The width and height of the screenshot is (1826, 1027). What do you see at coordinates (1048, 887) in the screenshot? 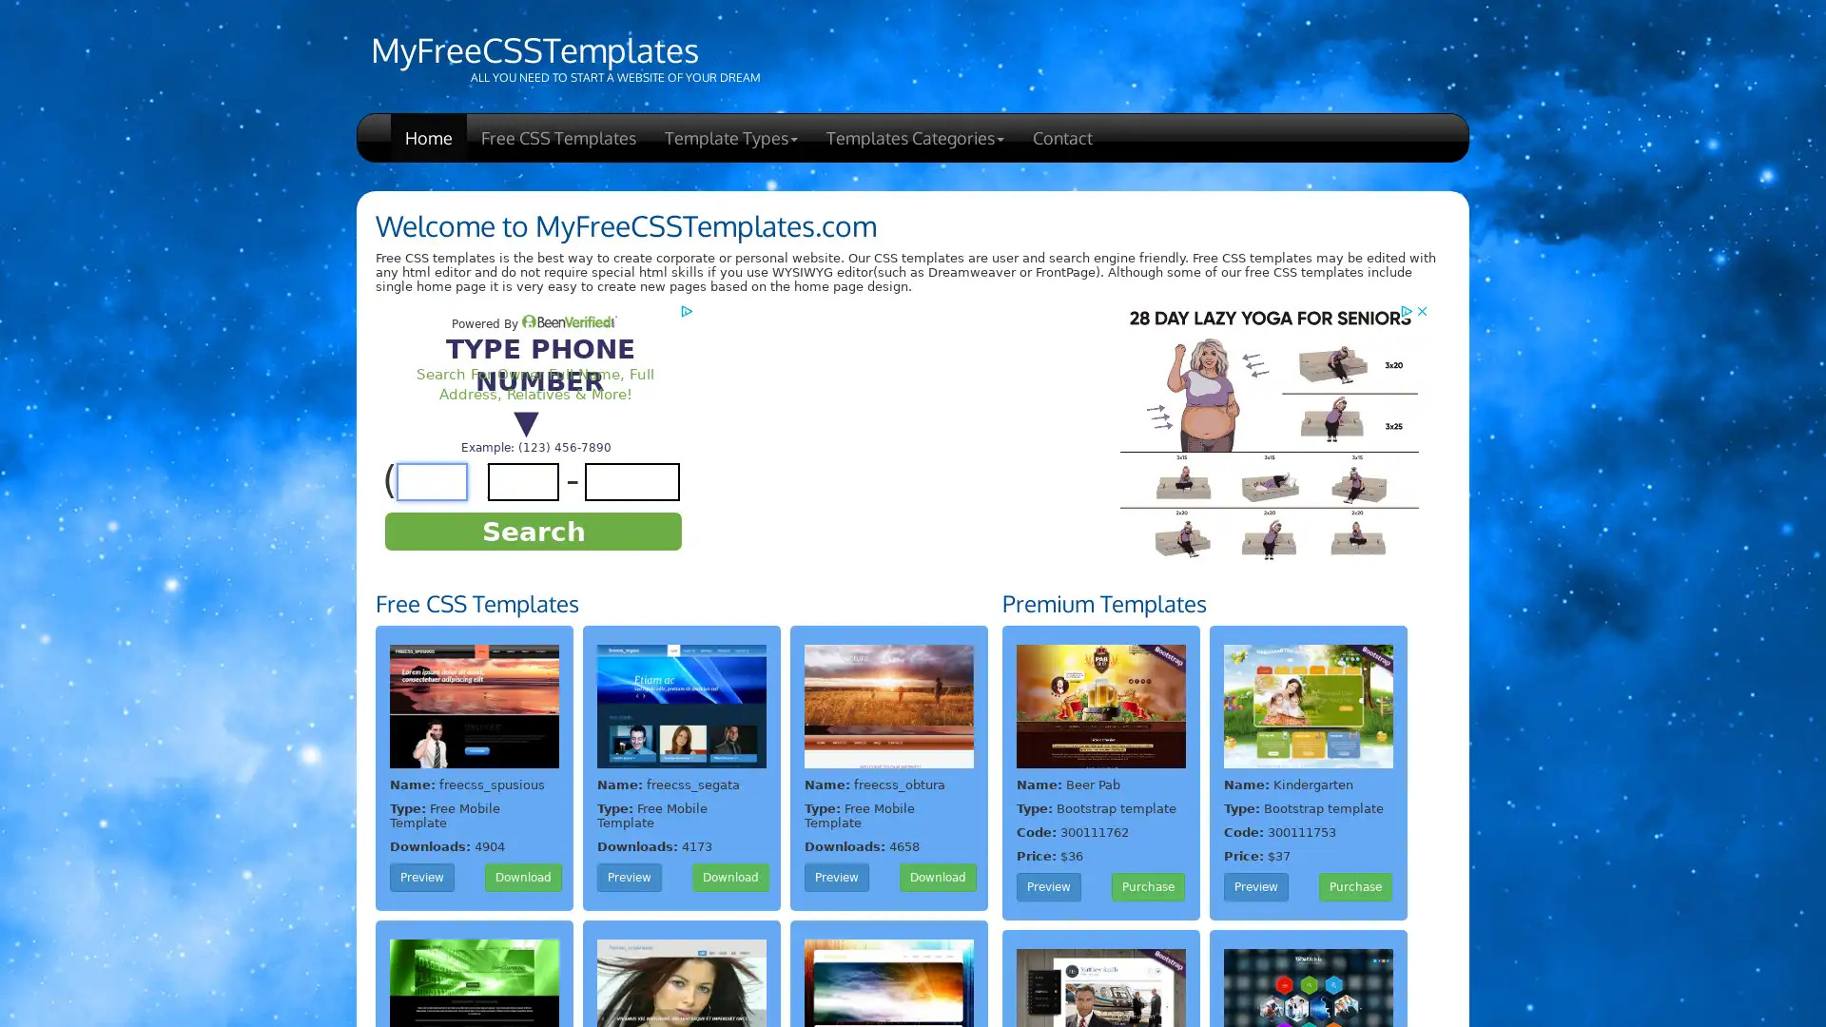
I see `Preview` at bounding box center [1048, 887].